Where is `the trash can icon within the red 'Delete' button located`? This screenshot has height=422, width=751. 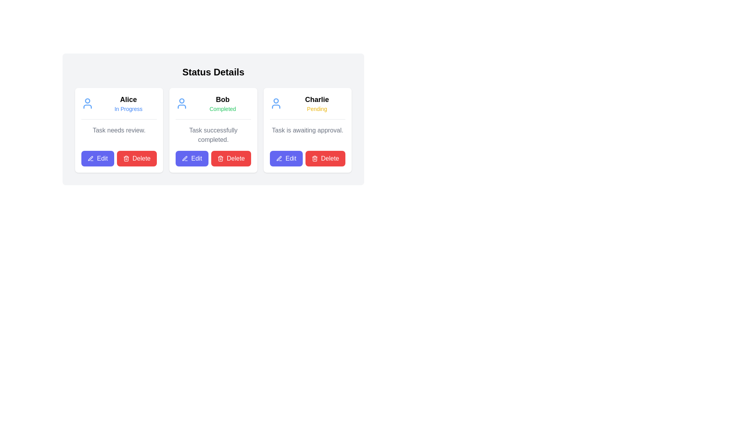 the trash can icon within the red 'Delete' button located is located at coordinates (314, 158).